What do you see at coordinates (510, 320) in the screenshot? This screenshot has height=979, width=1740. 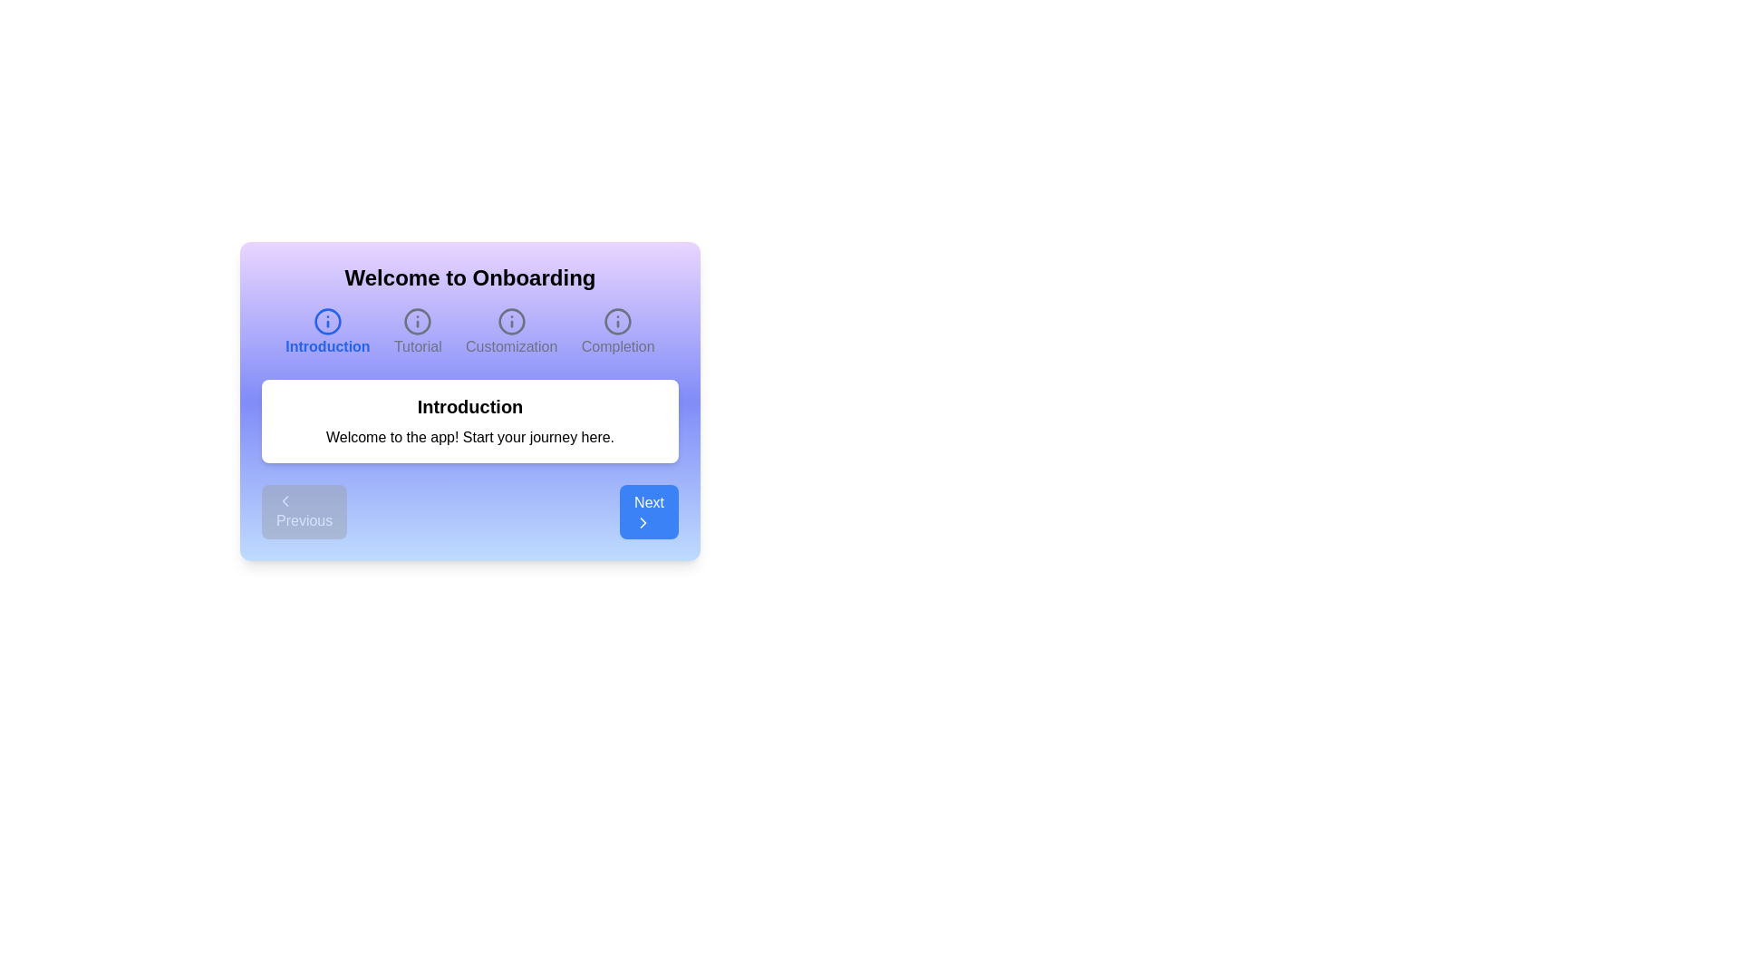 I see `the third circular outline icon in the navigation bar, located between the 'Tutorial' and 'Completion' icons` at bounding box center [510, 320].